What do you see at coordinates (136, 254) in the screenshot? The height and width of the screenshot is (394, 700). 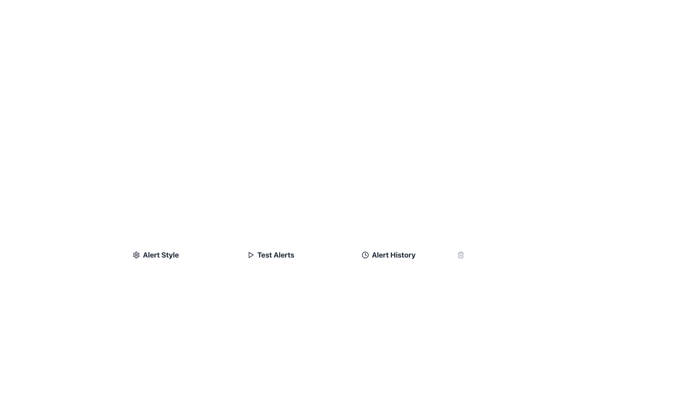 I see `the cog-shaped icon representing settings, located to the left of the text 'Alert Style'` at bounding box center [136, 254].